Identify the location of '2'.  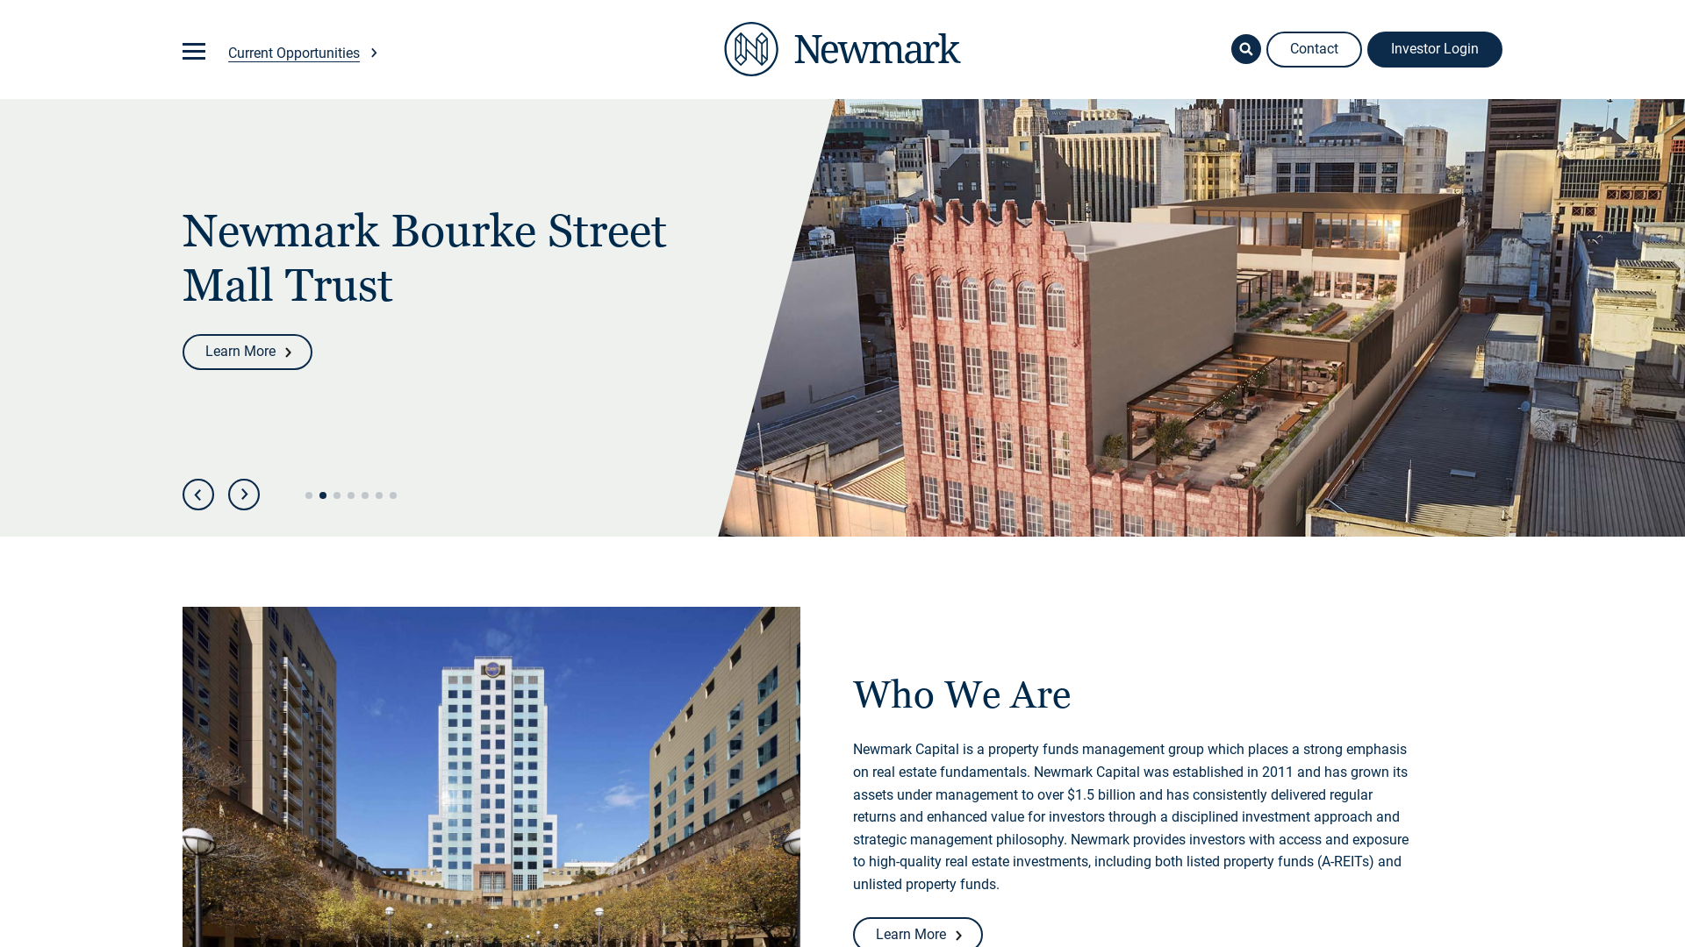
(324, 493).